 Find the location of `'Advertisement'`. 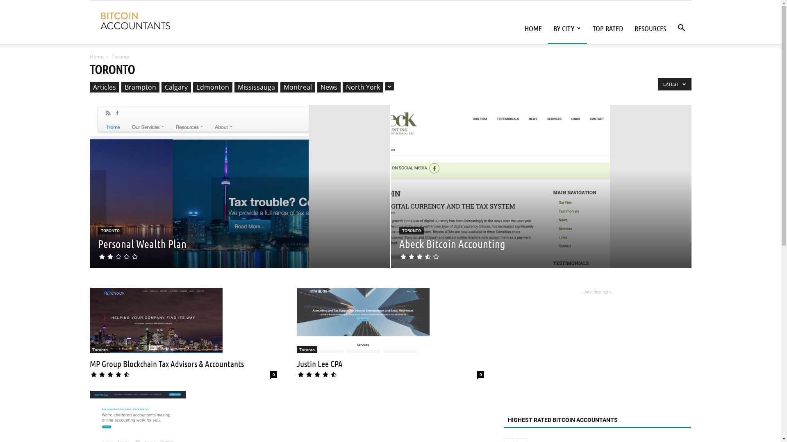

'Advertisement' is located at coordinates (598, 347).